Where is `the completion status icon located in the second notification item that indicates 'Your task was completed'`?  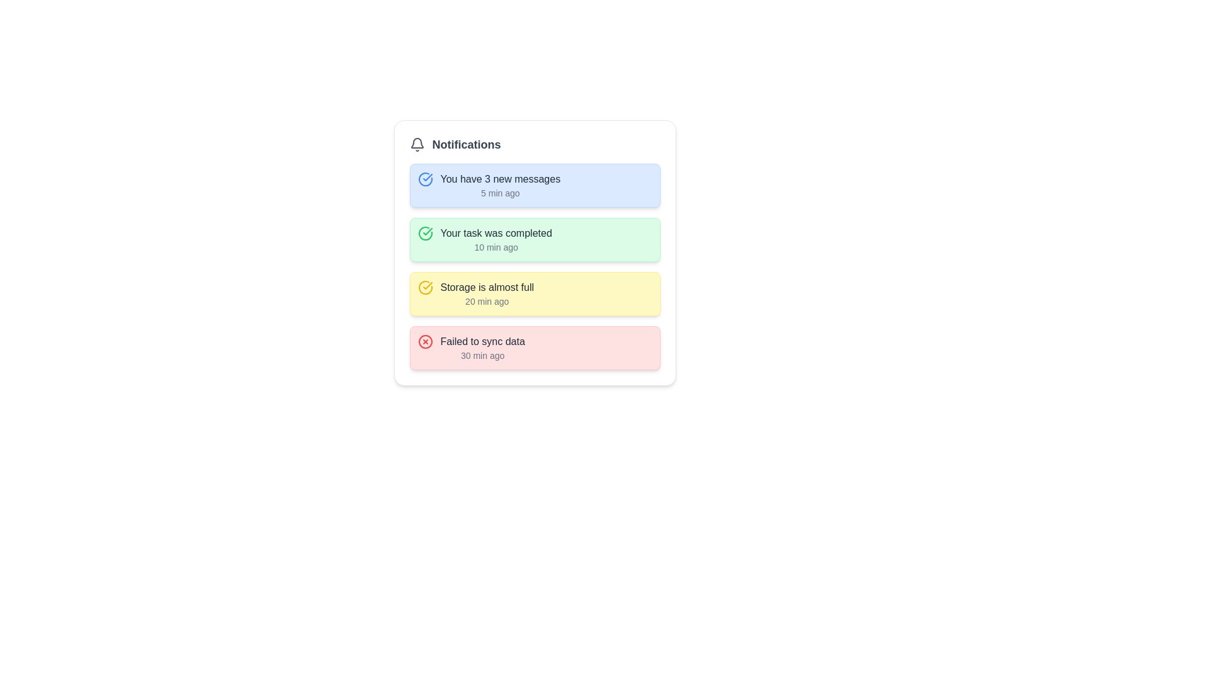 the completion status icon located in the second notification item that indicates 'Your task was completed' is located at coordinates (427, 231).